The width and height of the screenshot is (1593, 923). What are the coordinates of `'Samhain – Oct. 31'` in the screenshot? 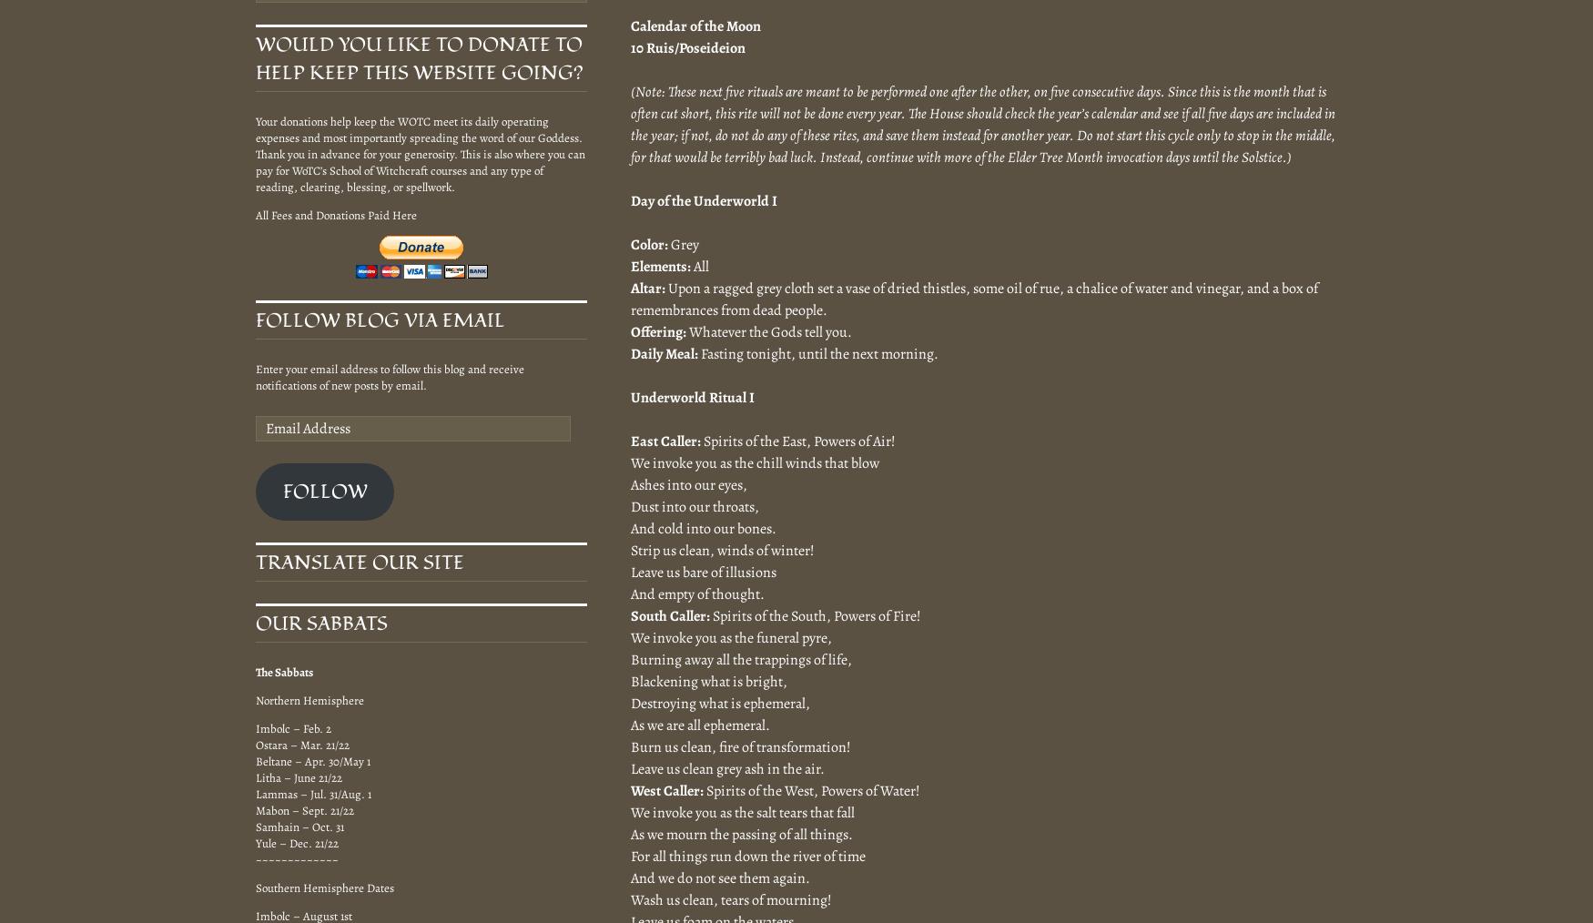 It's located at (255, 826).